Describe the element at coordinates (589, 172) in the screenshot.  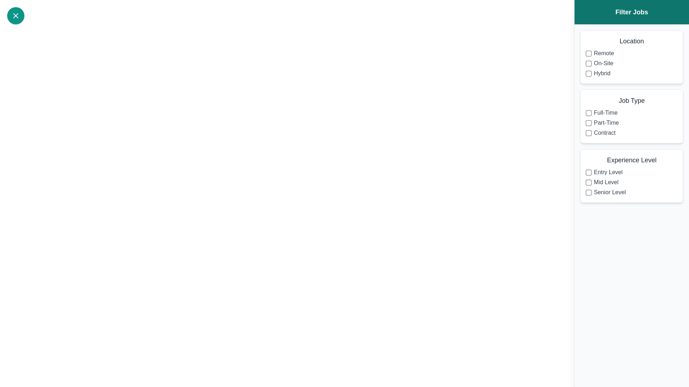
I see `the filter option Entry Level` at that location.